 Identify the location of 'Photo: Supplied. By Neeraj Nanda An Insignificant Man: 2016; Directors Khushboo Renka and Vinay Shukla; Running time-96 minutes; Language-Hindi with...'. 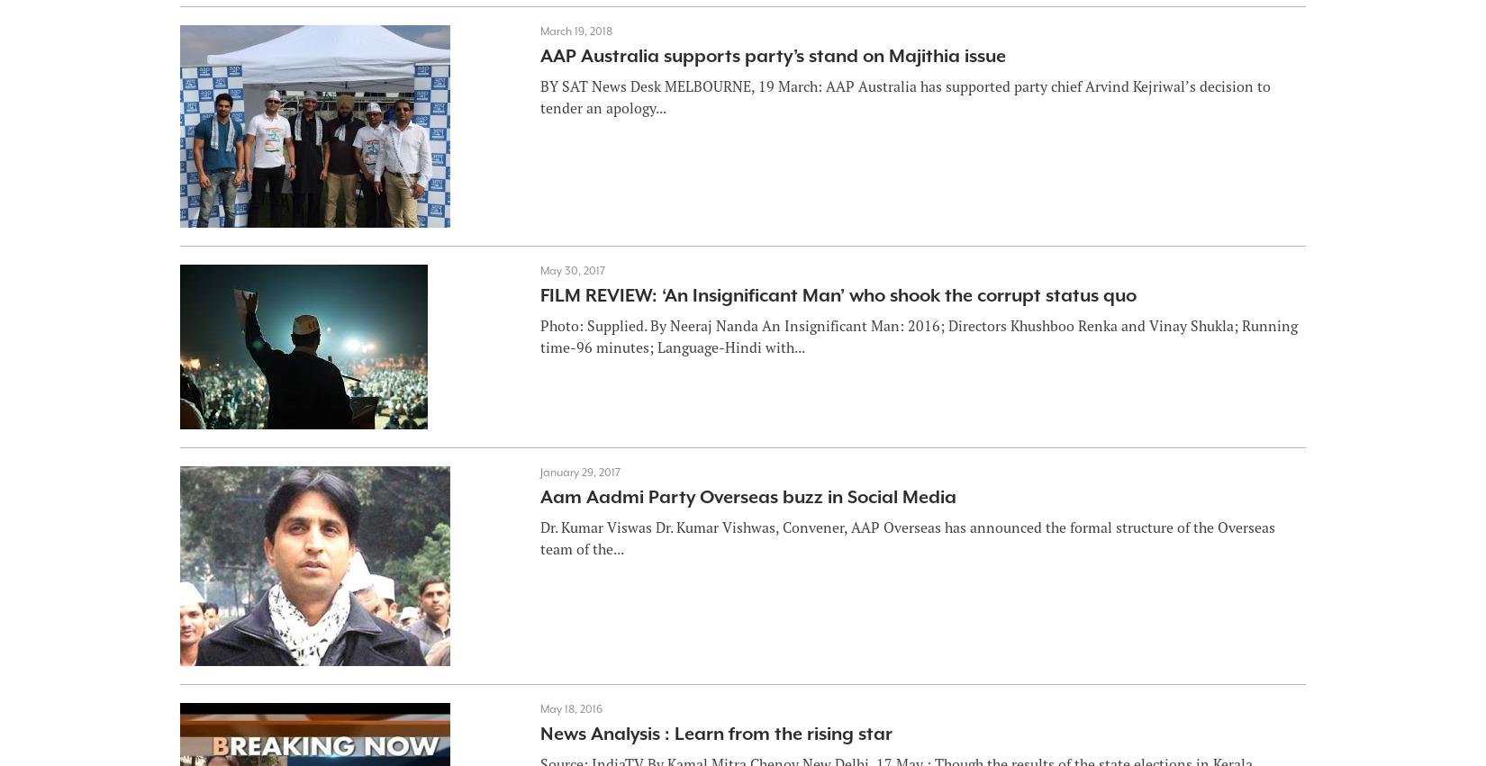
(538, 335).